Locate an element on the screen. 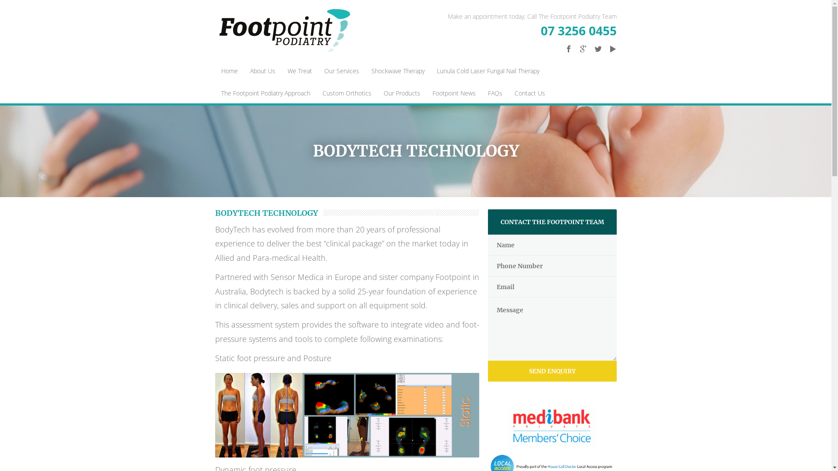 Image resolution: width=838 pixels, height=471 pixels. 'Contact Us' is located at coordinates (529, 94).